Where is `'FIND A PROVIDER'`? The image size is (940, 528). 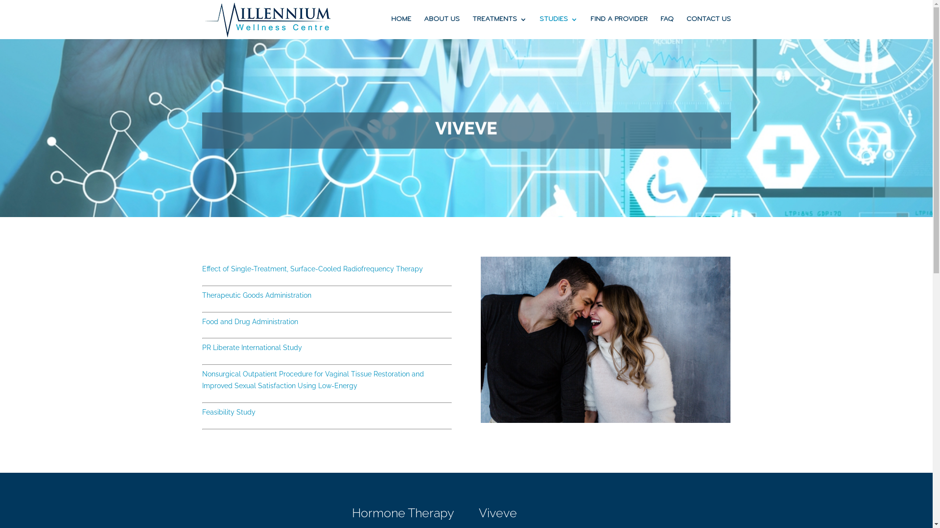 'FIND A PROVIDER' is located at coordinates (618, 27).